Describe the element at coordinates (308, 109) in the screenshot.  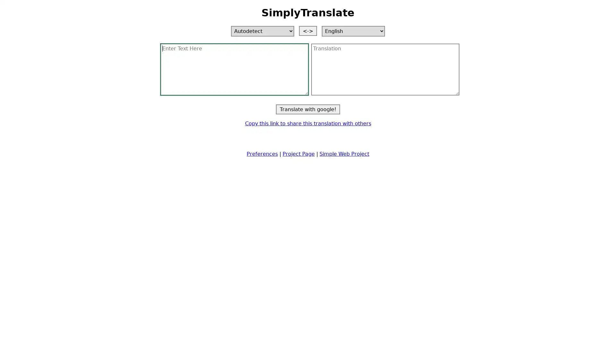
I see `Translate with google!` at that location.